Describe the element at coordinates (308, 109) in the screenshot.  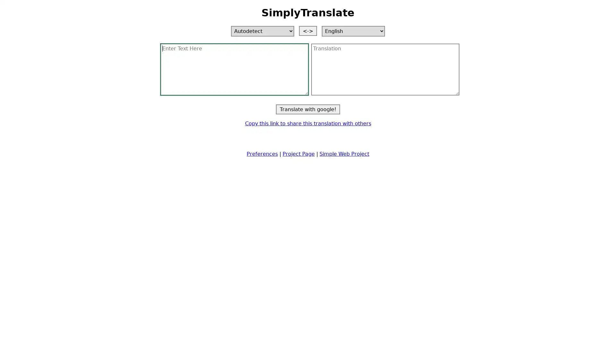
I see `Translate with google!` at that location.